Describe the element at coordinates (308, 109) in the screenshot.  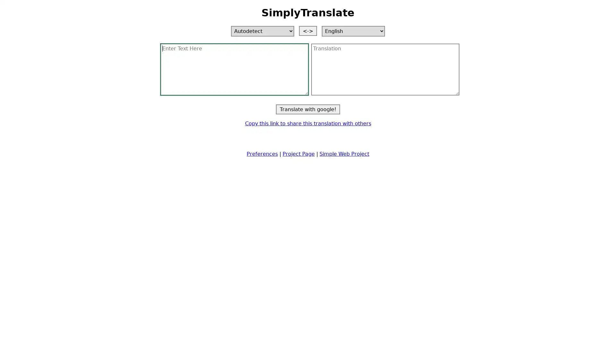
I see `Translate with google!` at that location.